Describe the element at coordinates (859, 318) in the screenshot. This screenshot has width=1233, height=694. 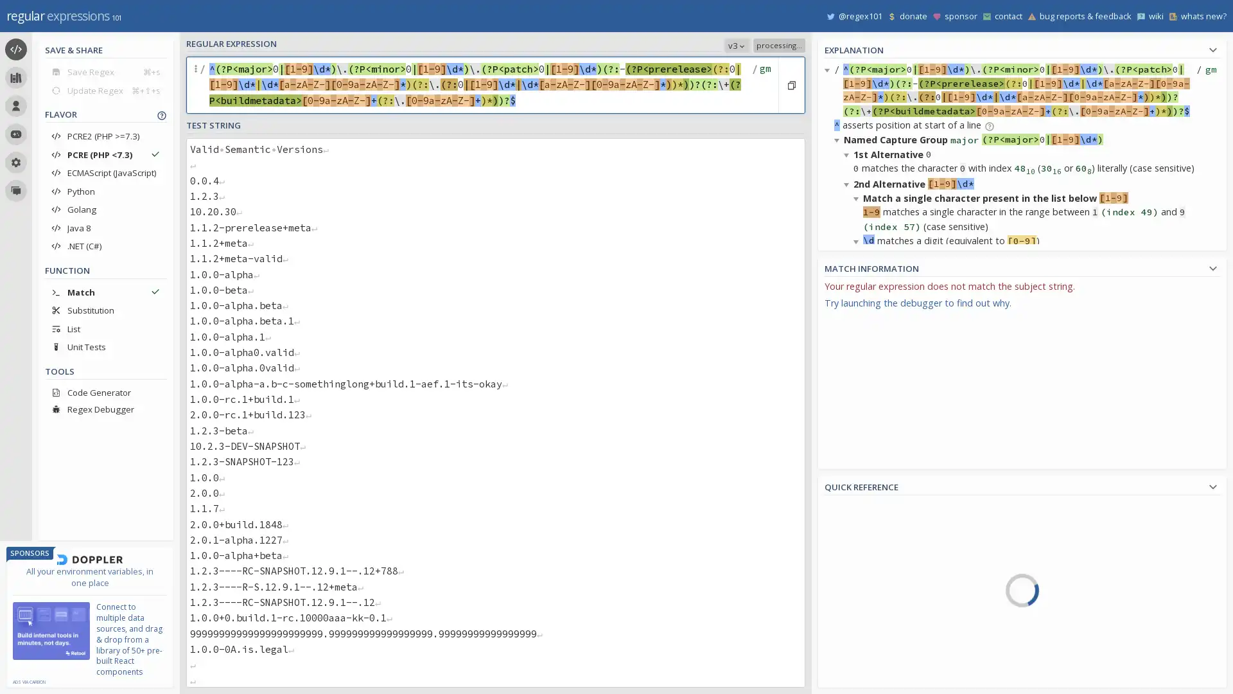
I see `Group major` at that location.